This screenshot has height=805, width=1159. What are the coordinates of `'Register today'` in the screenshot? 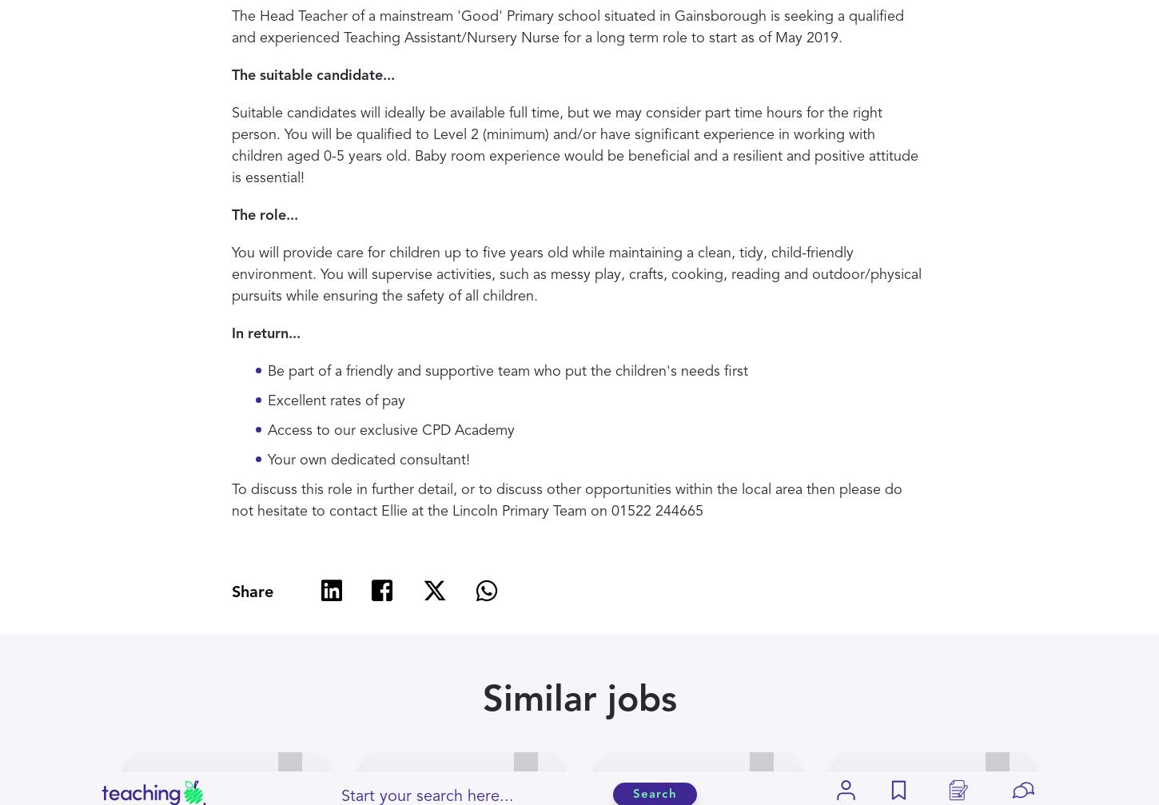 It's located at (578, 294).